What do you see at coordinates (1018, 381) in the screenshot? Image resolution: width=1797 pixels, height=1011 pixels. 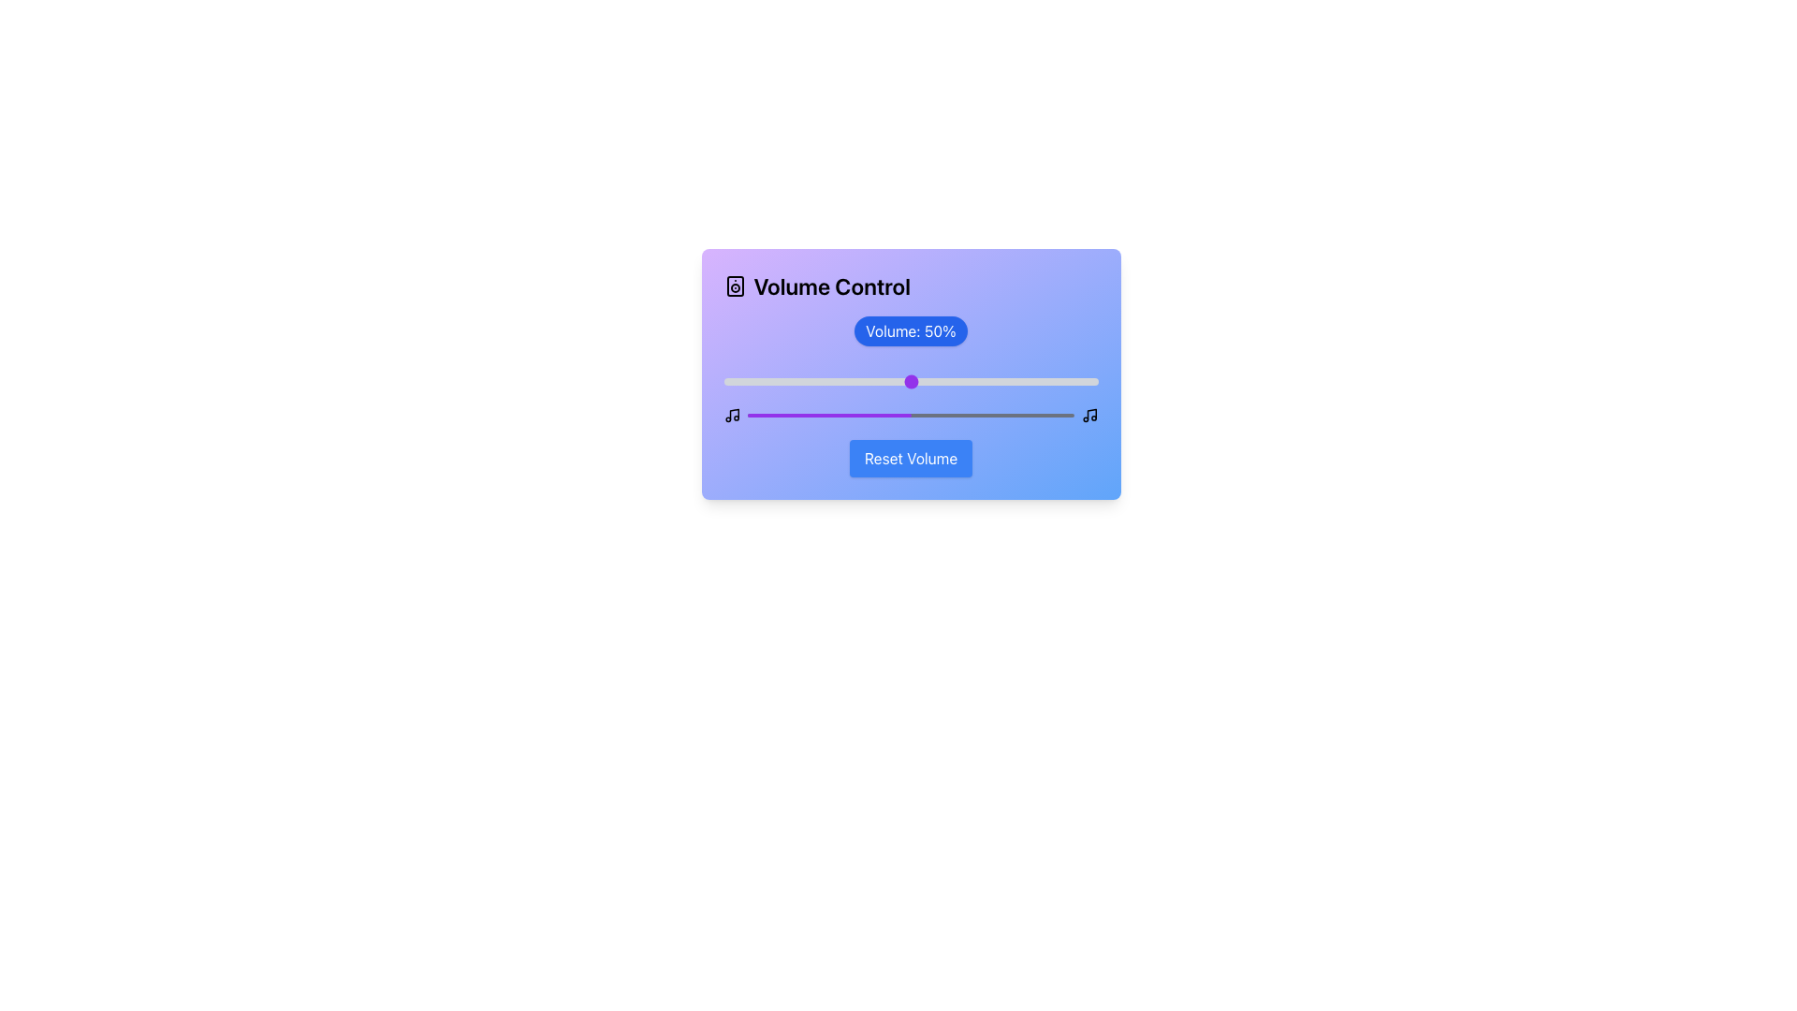 I see `the volume slider` at bounding box center [1018, 381].